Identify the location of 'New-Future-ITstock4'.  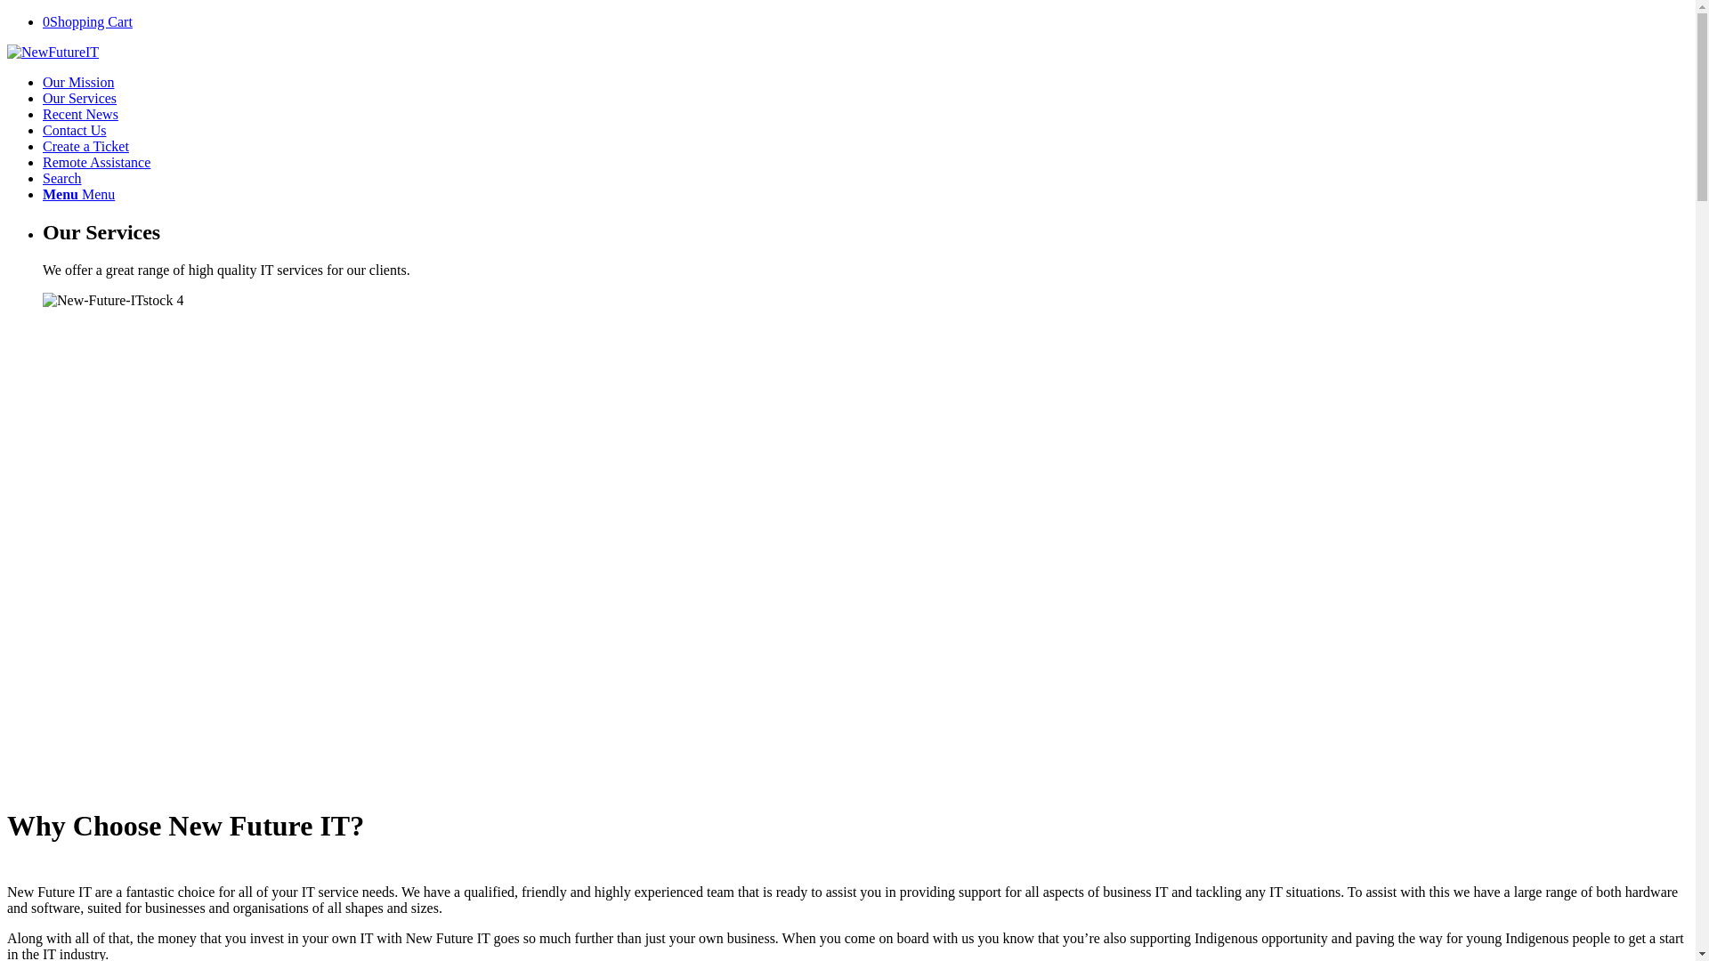
(111, 300).